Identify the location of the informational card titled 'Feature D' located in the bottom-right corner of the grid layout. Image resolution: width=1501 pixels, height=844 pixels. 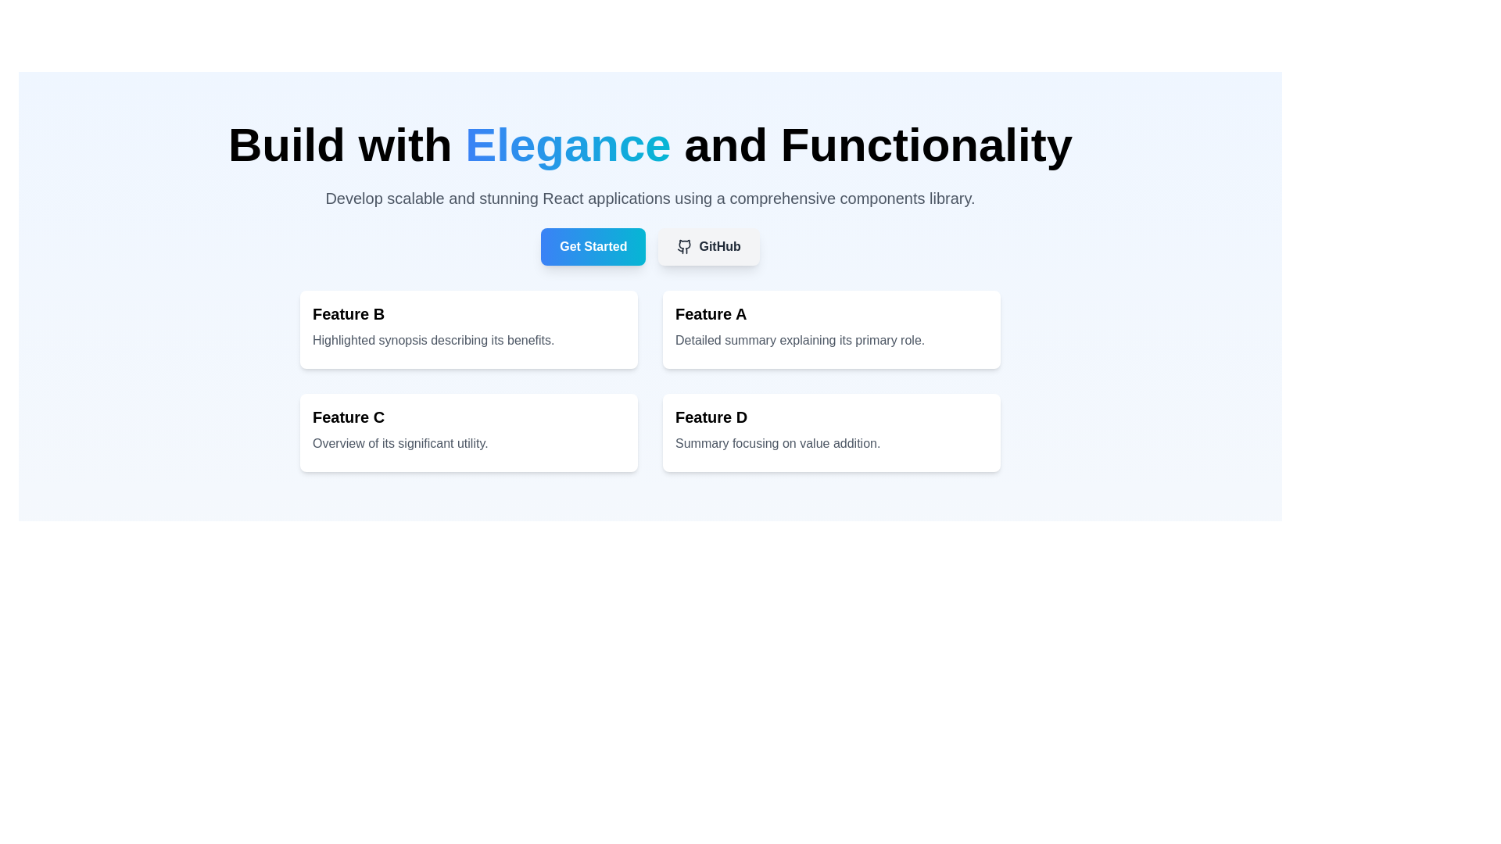
(831, 433).